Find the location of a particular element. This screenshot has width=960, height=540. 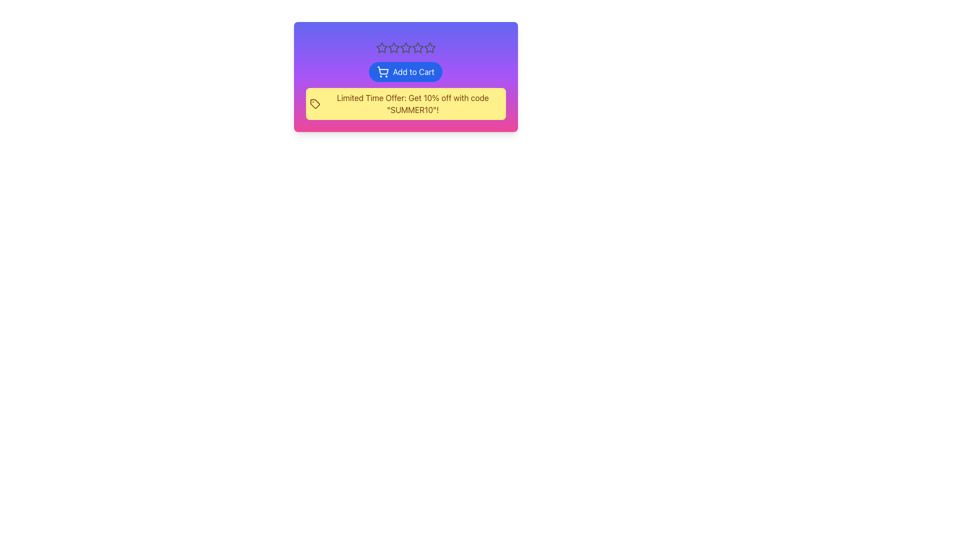

the discount tag icon located to the left of the yellow notification bar that displays a discount code message is located at coordinates (314, 104).